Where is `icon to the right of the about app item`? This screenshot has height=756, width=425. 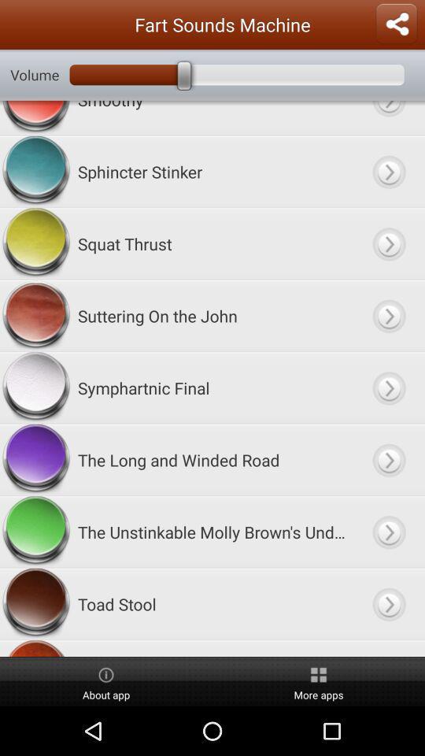 icon to the right of the about app item is located at coordinates (319, 681).